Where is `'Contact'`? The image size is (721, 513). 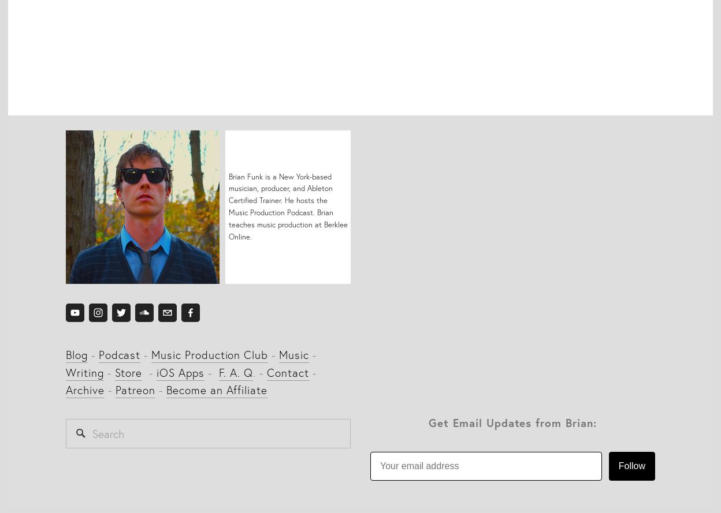
'Contact' is located at coordinates (266, 372).